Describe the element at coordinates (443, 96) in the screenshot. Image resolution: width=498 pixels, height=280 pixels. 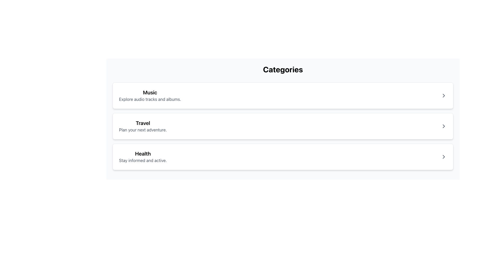
I see `the Chevron icon located on the right side of the 'Music' section` at that location.